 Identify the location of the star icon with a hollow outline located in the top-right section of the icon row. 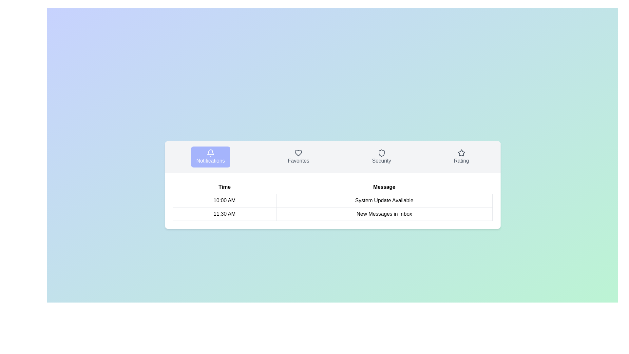
(461, 153).